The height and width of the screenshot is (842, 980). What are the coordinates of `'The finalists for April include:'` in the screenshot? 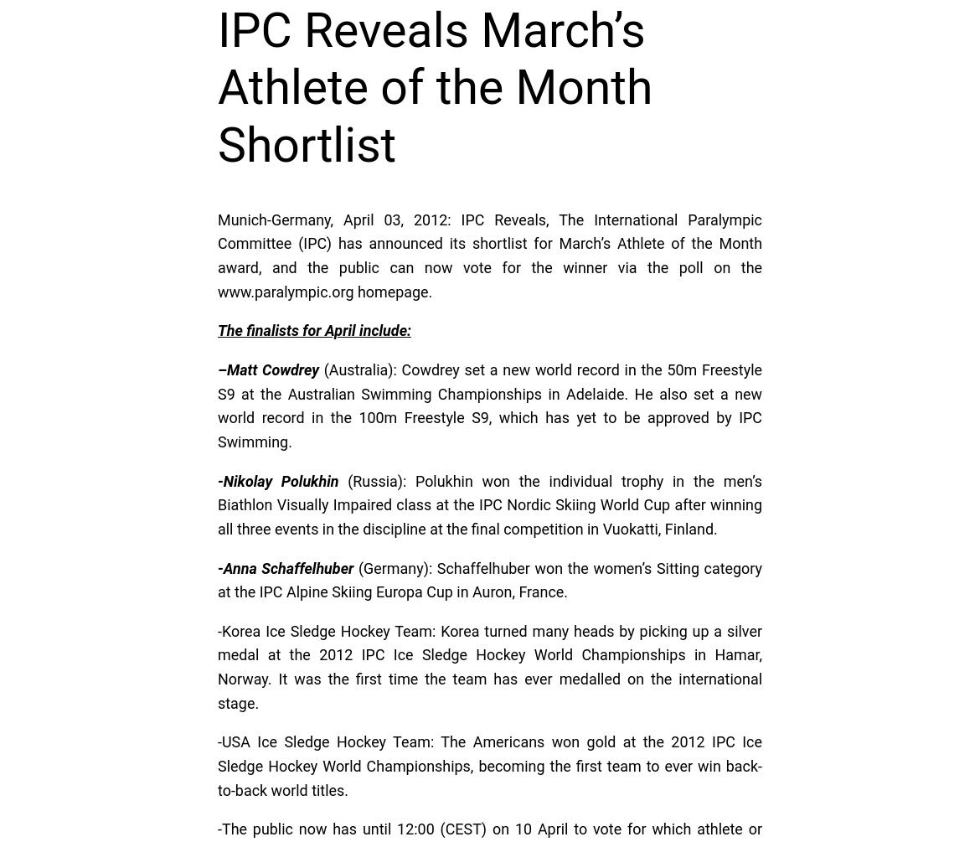 It's located at (313, 330).